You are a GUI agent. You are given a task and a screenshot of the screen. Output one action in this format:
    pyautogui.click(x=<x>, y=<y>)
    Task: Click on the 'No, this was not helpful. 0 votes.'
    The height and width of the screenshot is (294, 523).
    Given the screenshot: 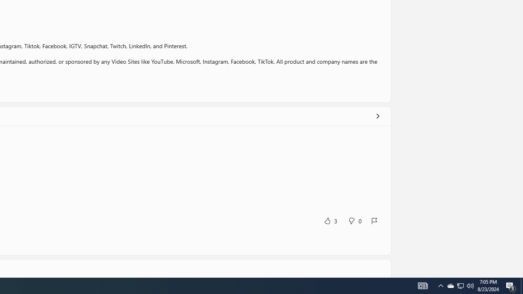 What is the action you would take?
    pyautogui.click(x=355, y=220)
    